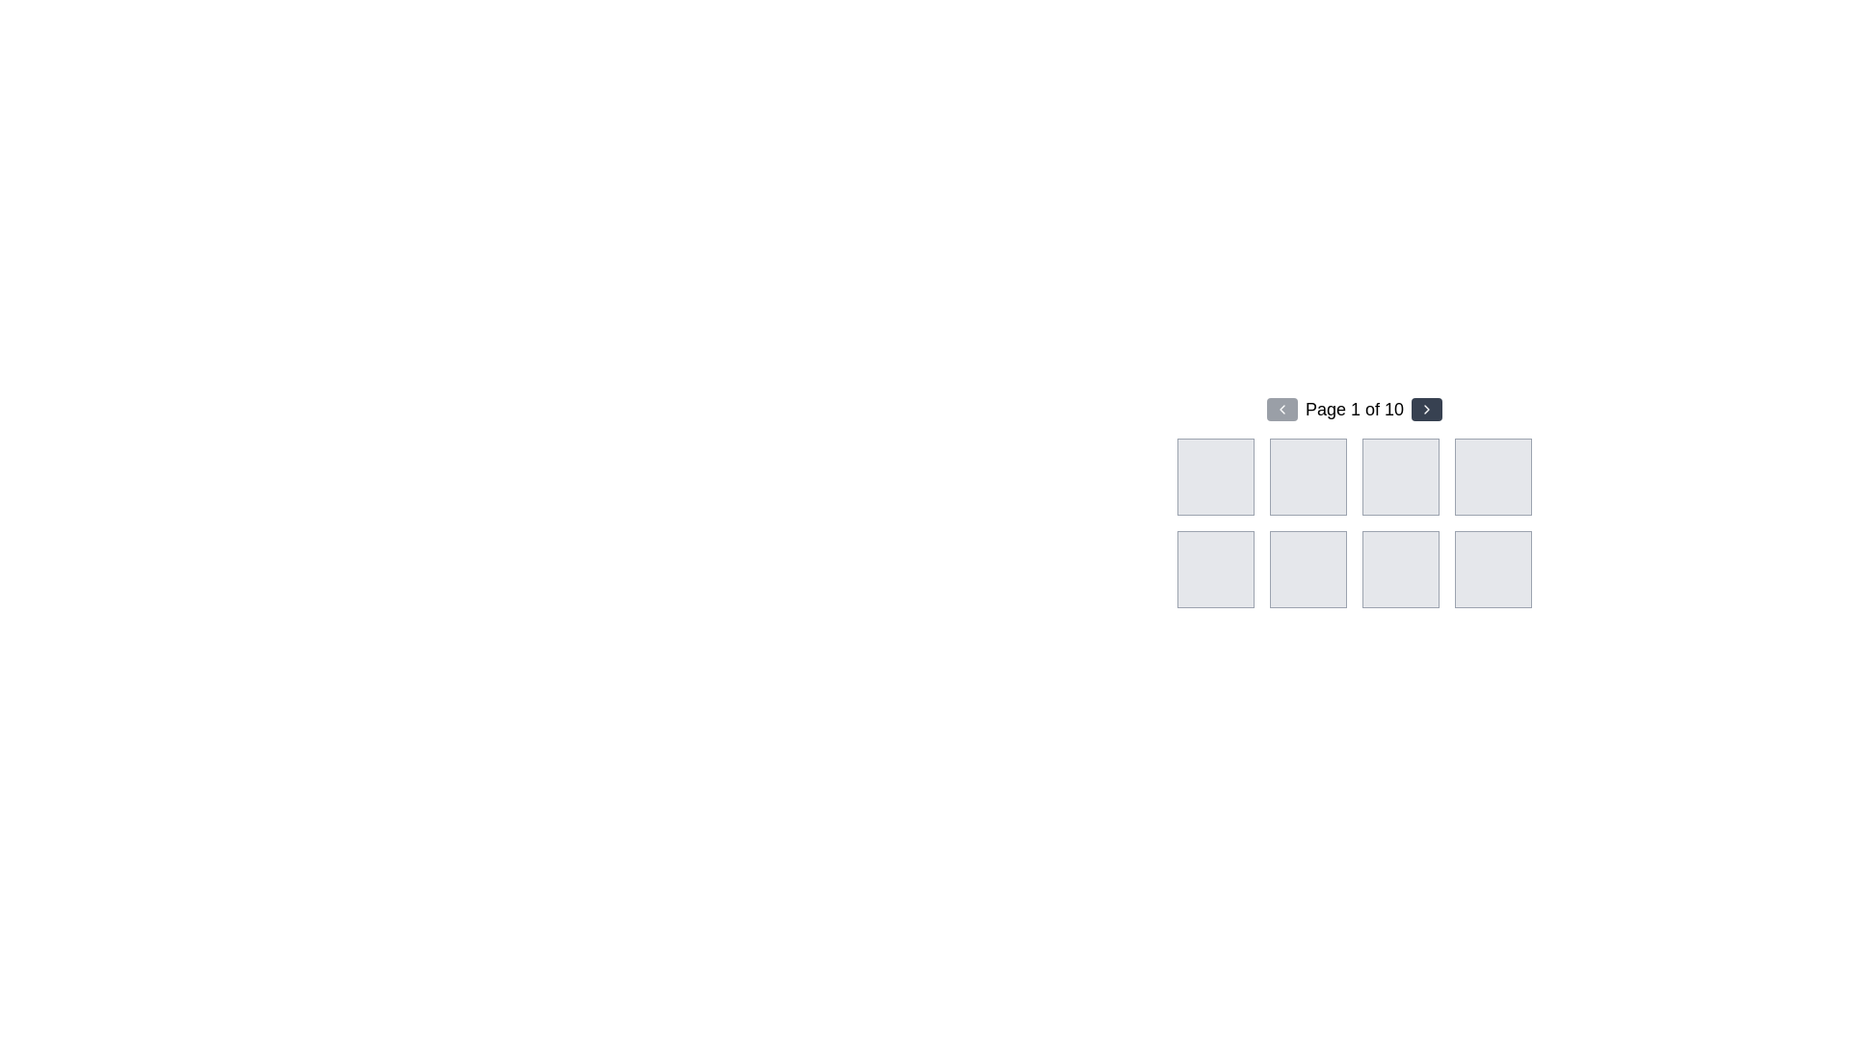 This screenshot has height=1041, width=1850. I want to click on the leftmost navigation button located at the top-center of the interface, so click(1282, 408).